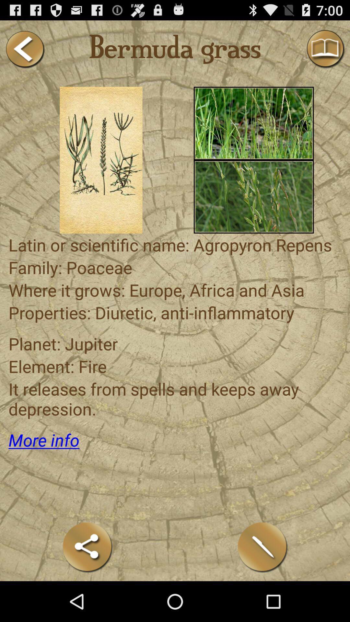  What do you see at coordinates (262, 547) in the screenshot?
I see `open notes` at bounding box center [262, 547].